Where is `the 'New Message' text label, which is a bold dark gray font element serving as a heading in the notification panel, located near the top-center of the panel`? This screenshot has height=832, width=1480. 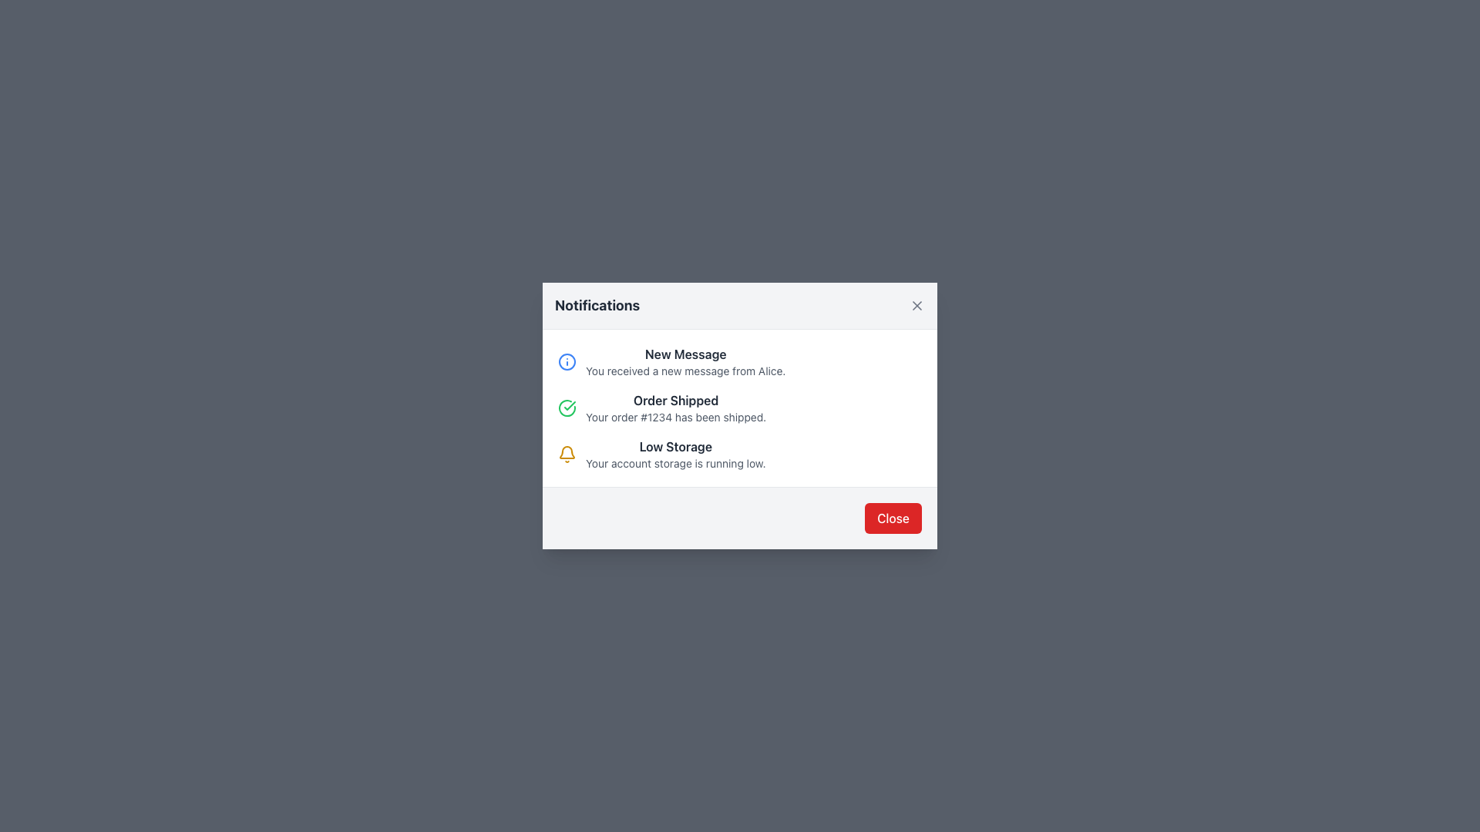 the 'New Message' text label, which is a bold dark gray font element serving as a heading in the notification panel, located near the top-center of the panel is located at coordinates (684, 354).